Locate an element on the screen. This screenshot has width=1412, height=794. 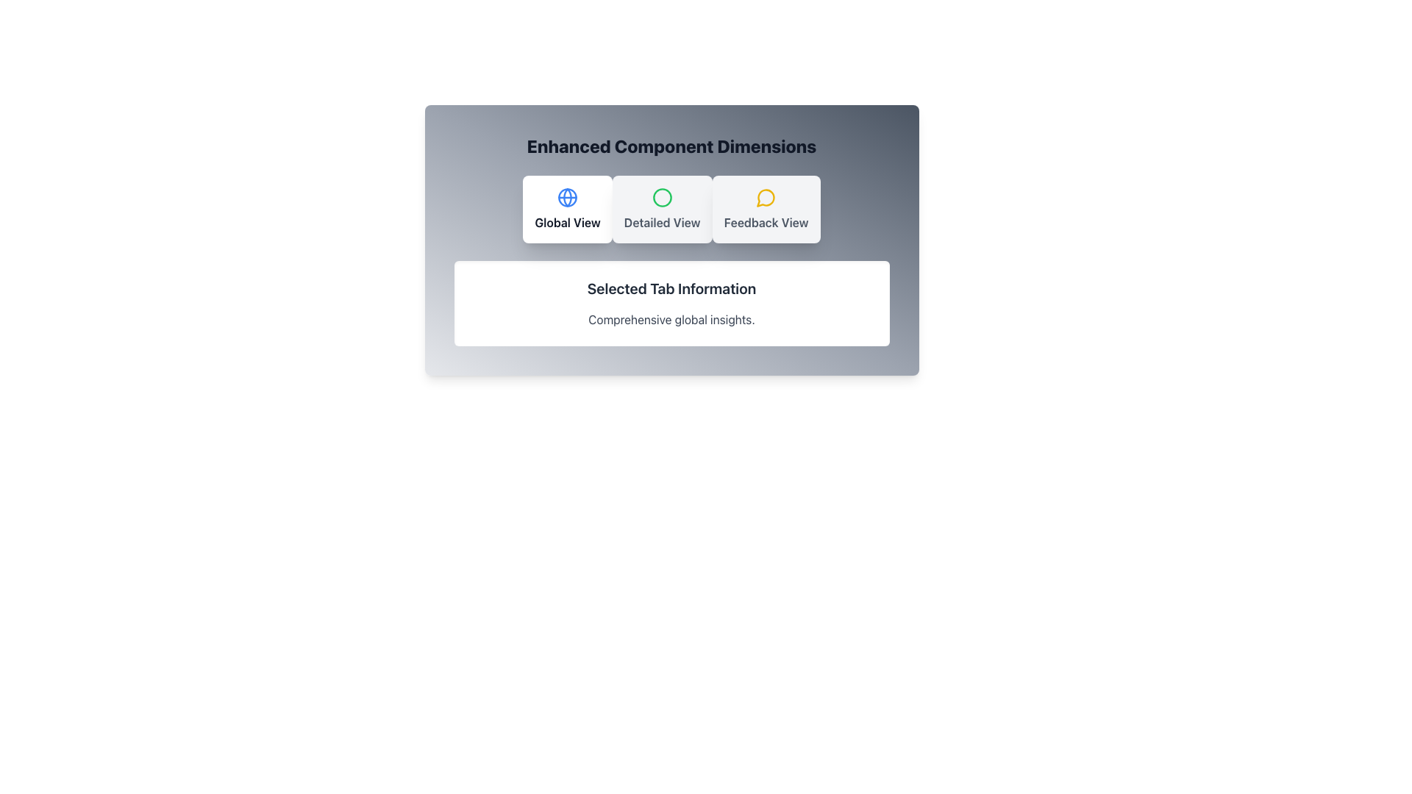
the SVG circle with a green stroke that is centrally located within the 'Detailed View' button, which is part of a horizontal array of buttons under the title 'Enhanced Component Dimensions' is located at coordinates (661, 197).